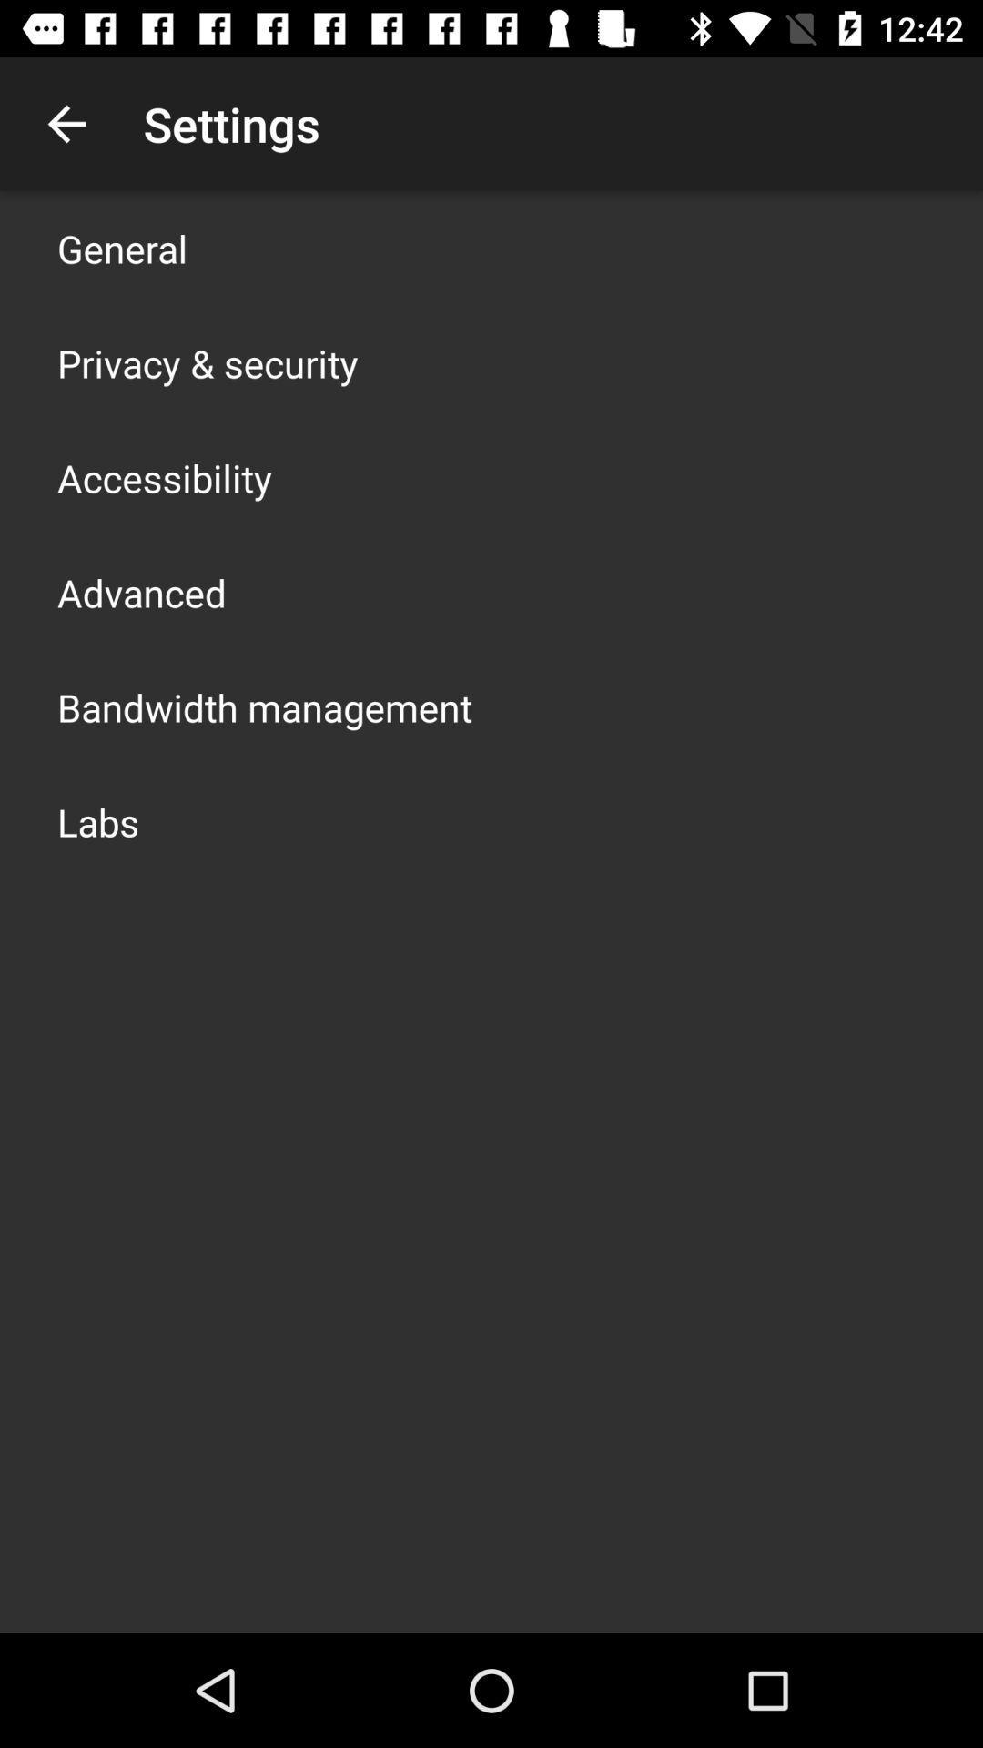 The height and width of the screenshot is (1748, 983). What do you see at coordinates (66, 123) in the screenshot?
I see `the item next to the settings` at bounding box center [66, 123].